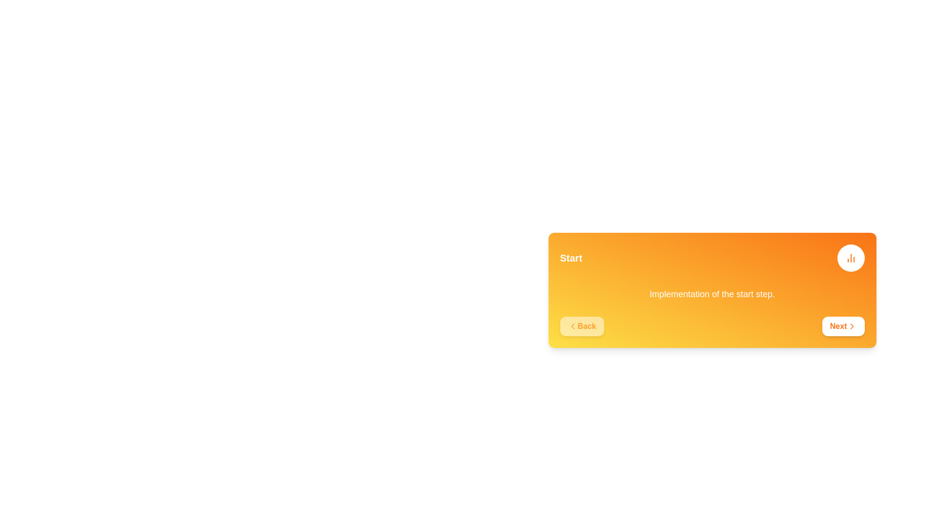 The height and width of the screenshot is (527, 937). I want to click on the chevron icon located at the bottom-right corner of the orange card interface, so click(851, 326).